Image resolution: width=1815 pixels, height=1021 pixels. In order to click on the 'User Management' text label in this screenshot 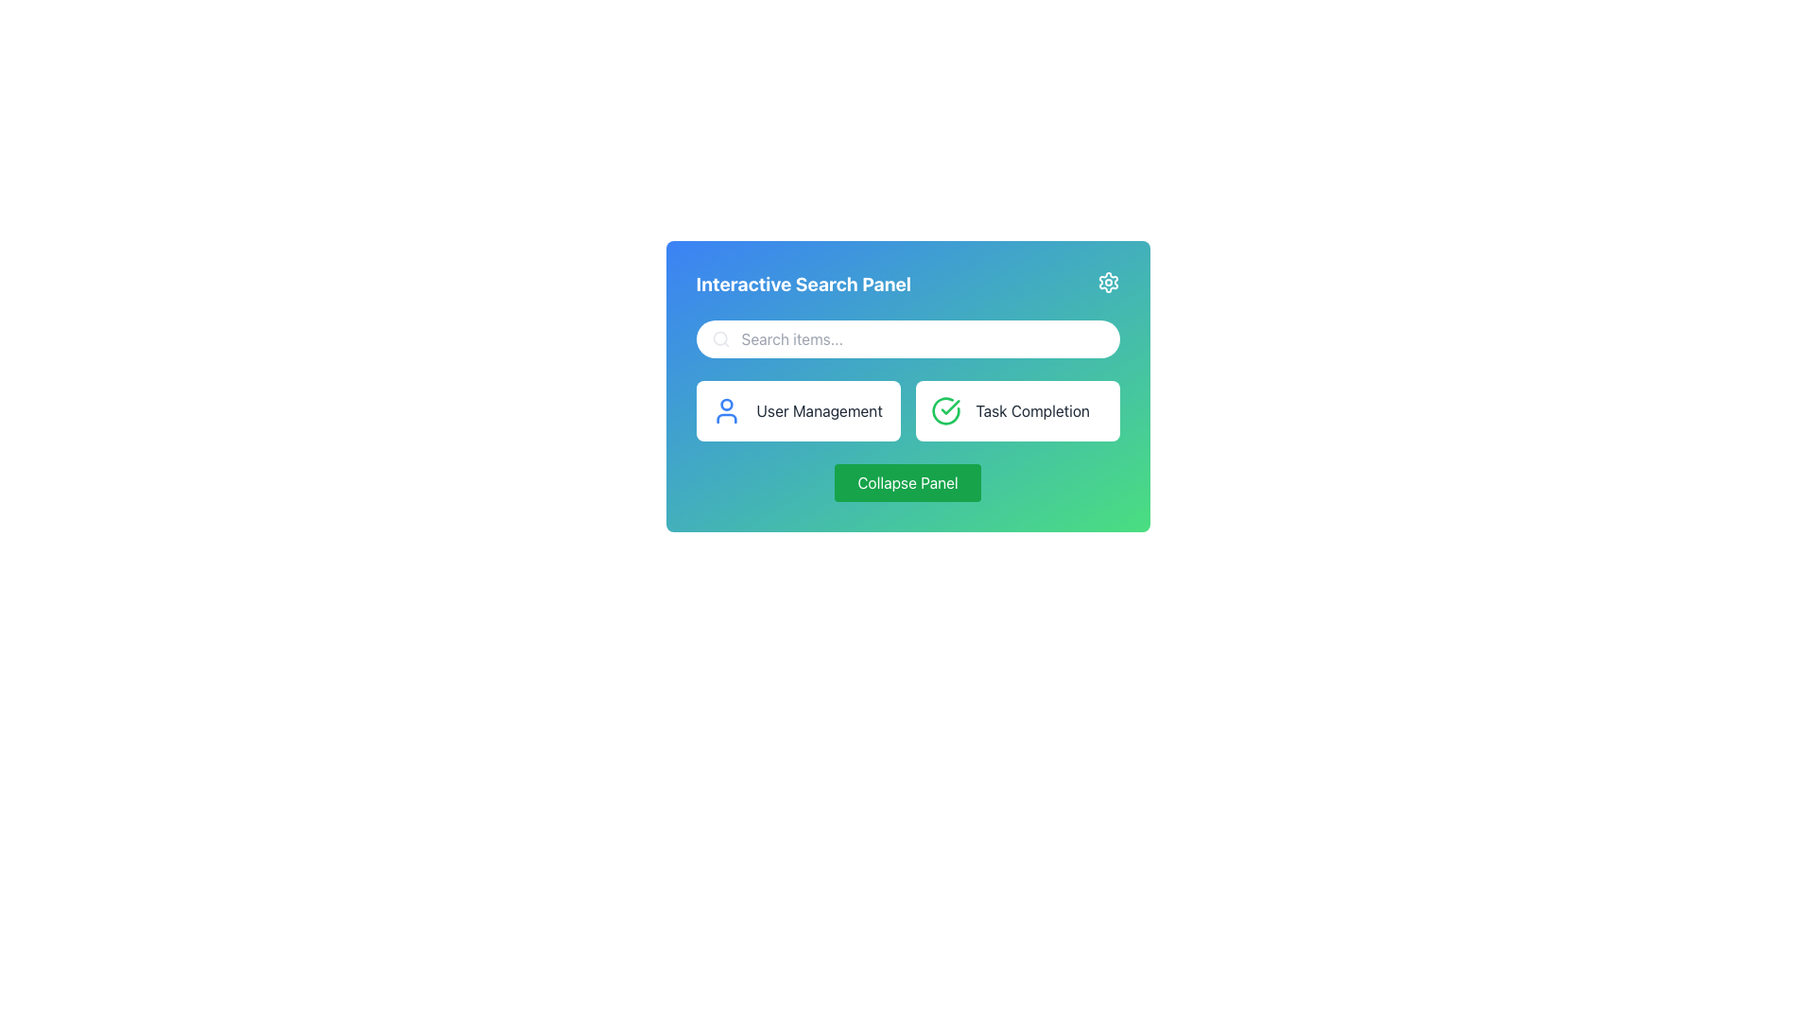, I will do `click(820, 410)`.